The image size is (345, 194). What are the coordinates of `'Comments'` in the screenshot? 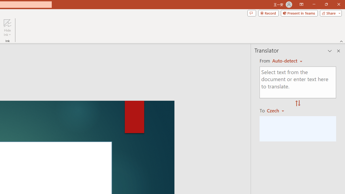 It's located at (251, 13).